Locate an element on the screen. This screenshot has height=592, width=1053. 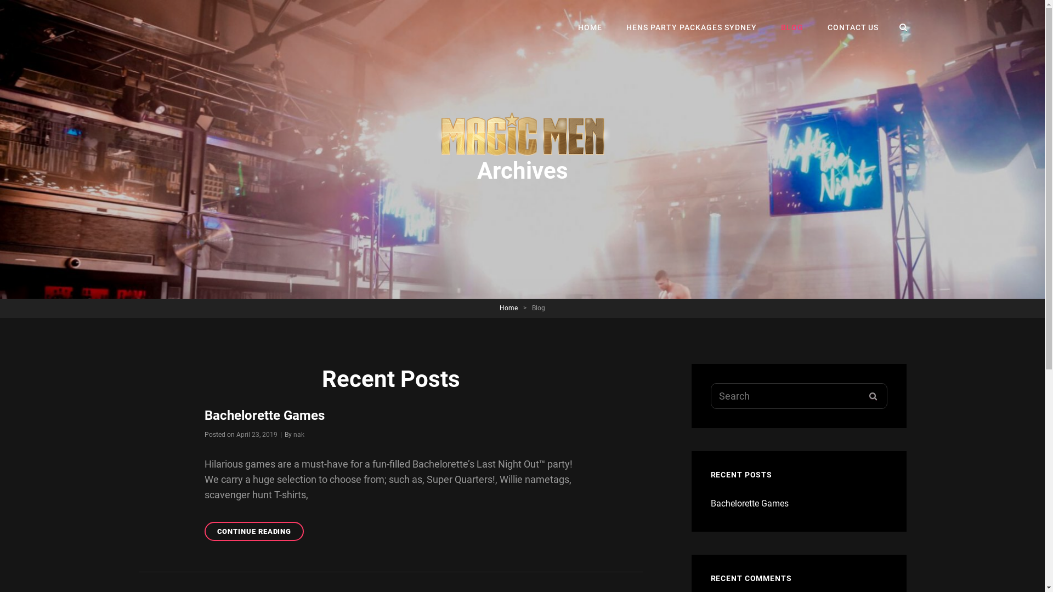
'SEARCH' is located at coordinates (903, 27).